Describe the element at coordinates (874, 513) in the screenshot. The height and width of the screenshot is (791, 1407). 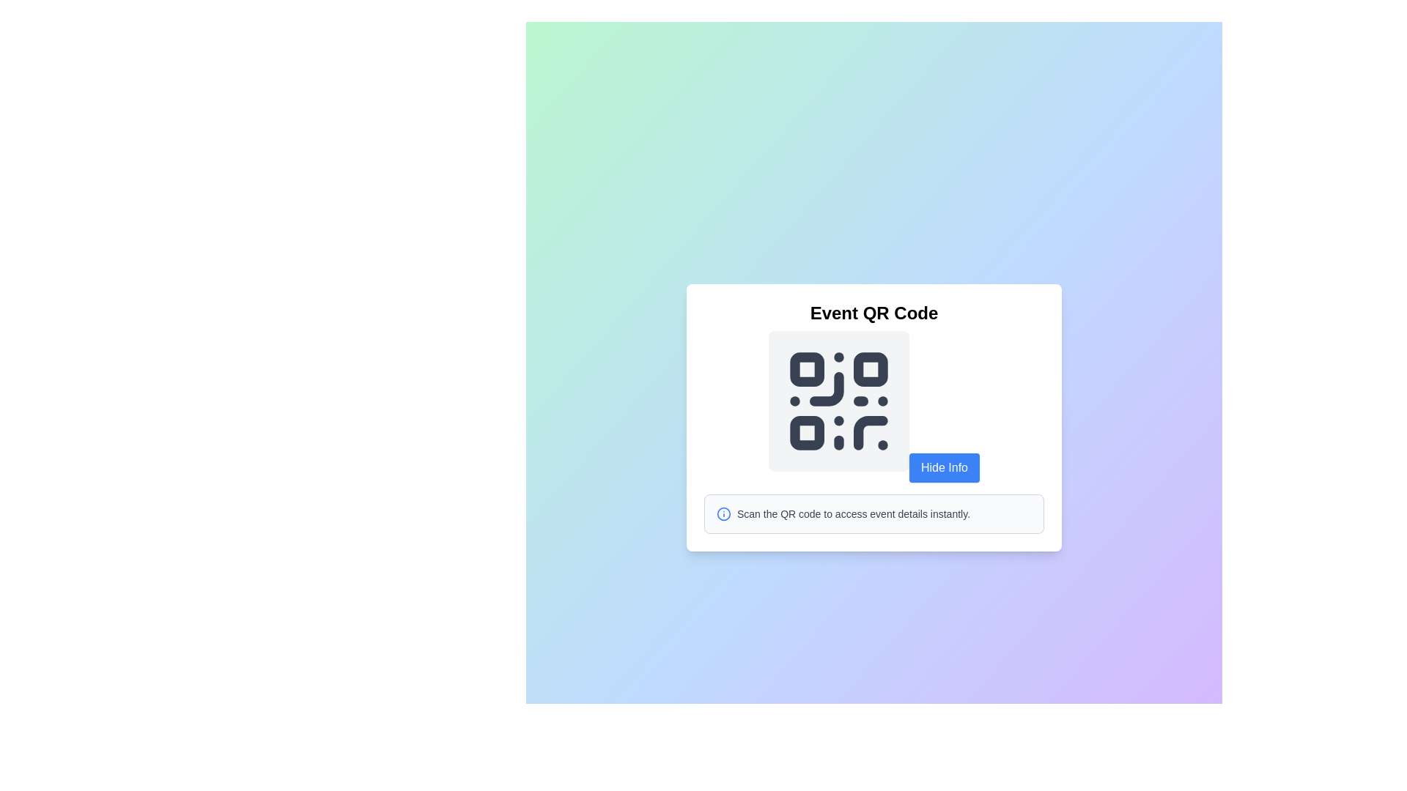
I see `the instructional text that provides information on how to scan the adjacent QR code` at that location.